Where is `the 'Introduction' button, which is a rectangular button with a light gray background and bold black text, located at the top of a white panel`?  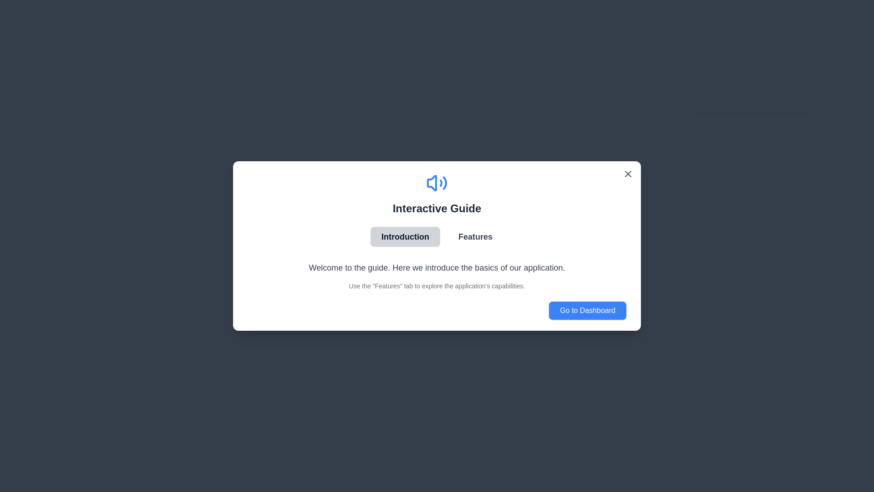
the 'Introduction' button, which is a rectangular button with a light gray background and bold black text, located at the top of a white panel is located at coordinates (405, 236).